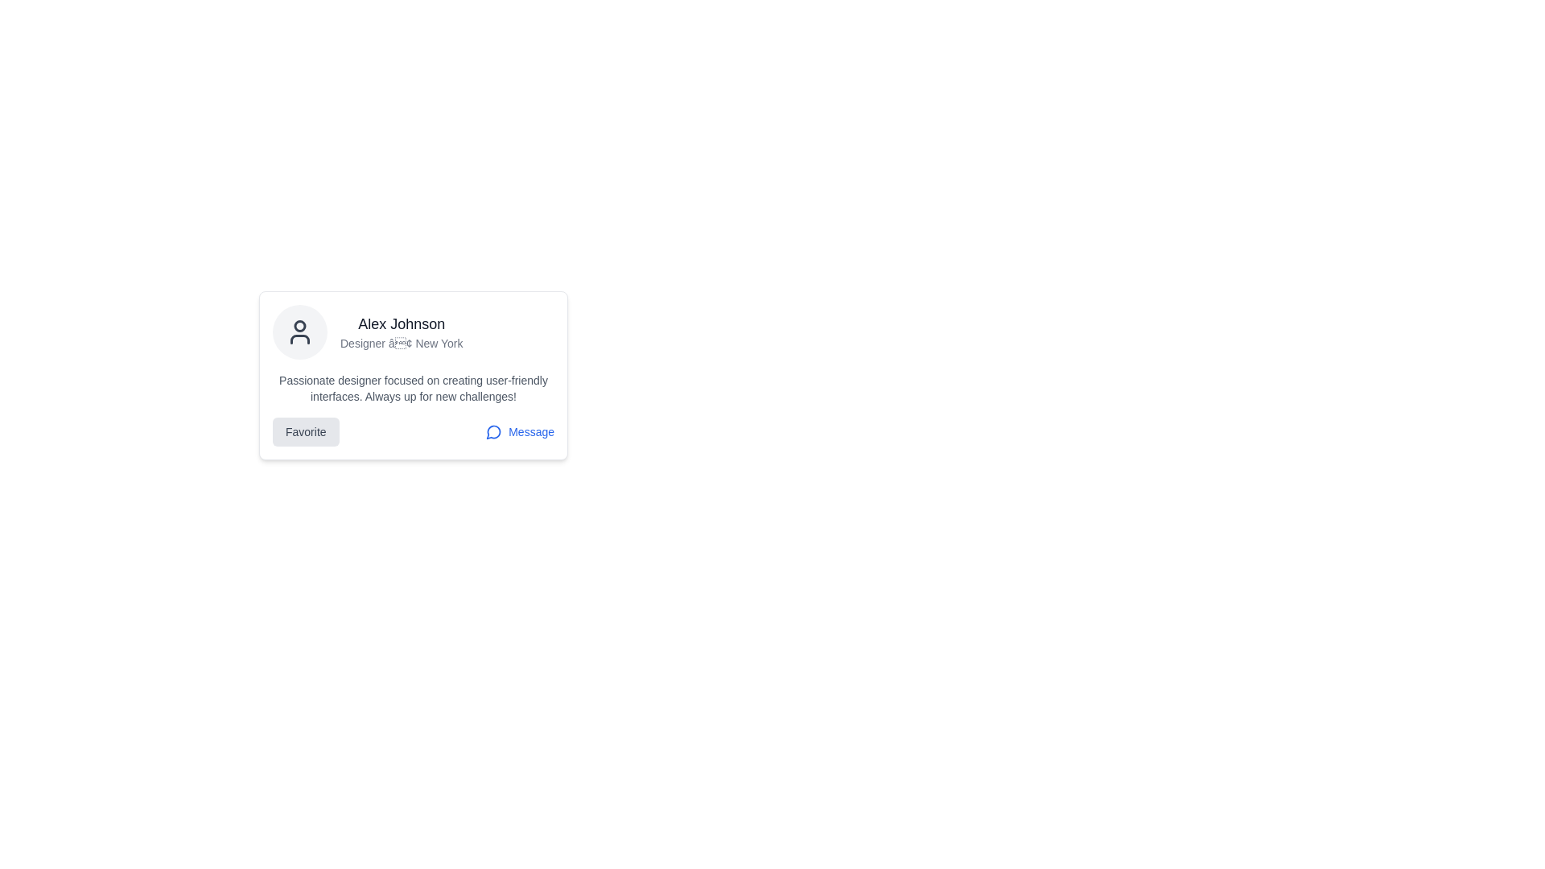 This screenshot has height=869, width=1545. What do you see at coordinates (413, 388) in the screenshot?
I see `text content of the text block that describes the user as a passionate designer, located in the middle section of the user profile card, positioned third among its sibling elements` at bounding box center [413, 388].